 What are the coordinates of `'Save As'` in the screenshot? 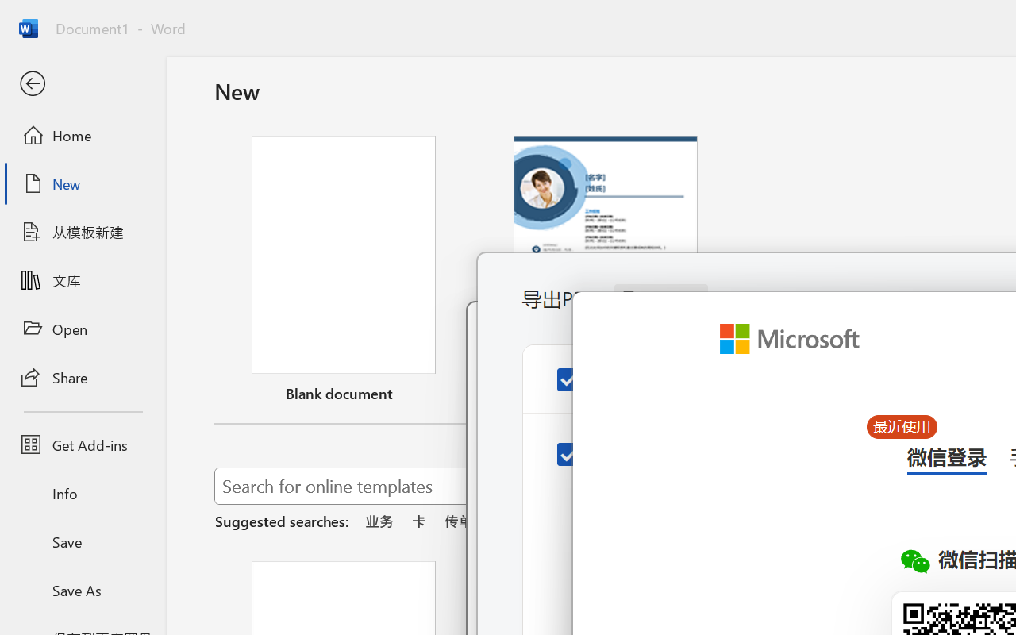 It's located at (82, 590).